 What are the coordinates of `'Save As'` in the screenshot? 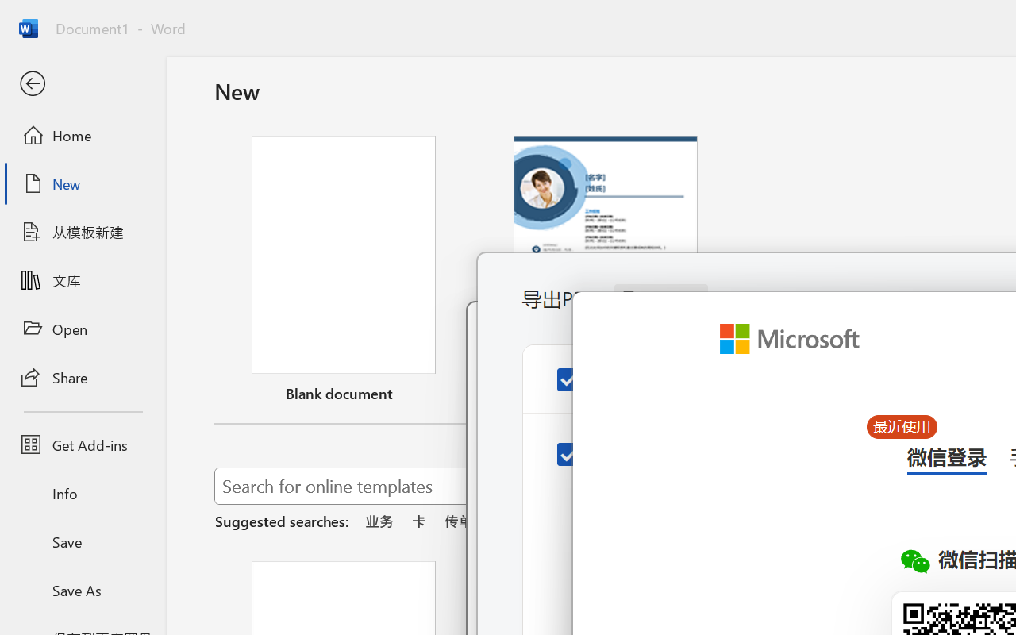 It's located at (82, 590).